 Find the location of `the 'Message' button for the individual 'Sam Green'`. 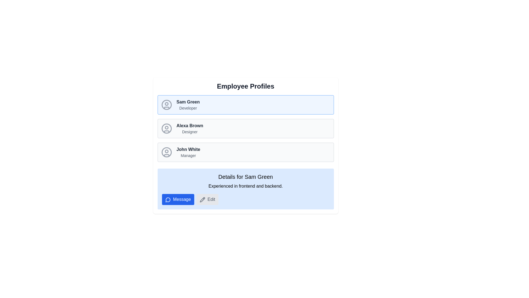

the 'Message' button for the individual 'Sam Green' is located at coordinates (168, 200).